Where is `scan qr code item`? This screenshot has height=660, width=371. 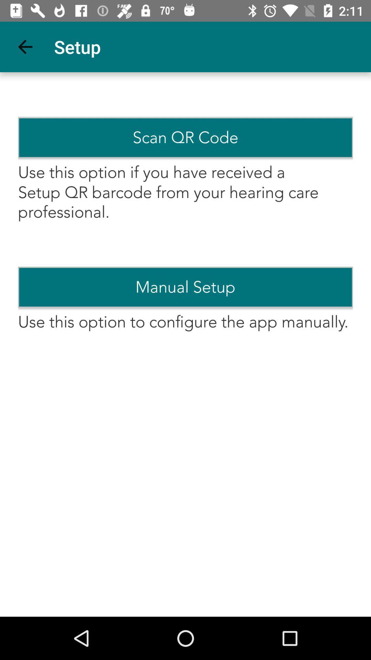
scan qr code item is located at coordinates (185, 137).